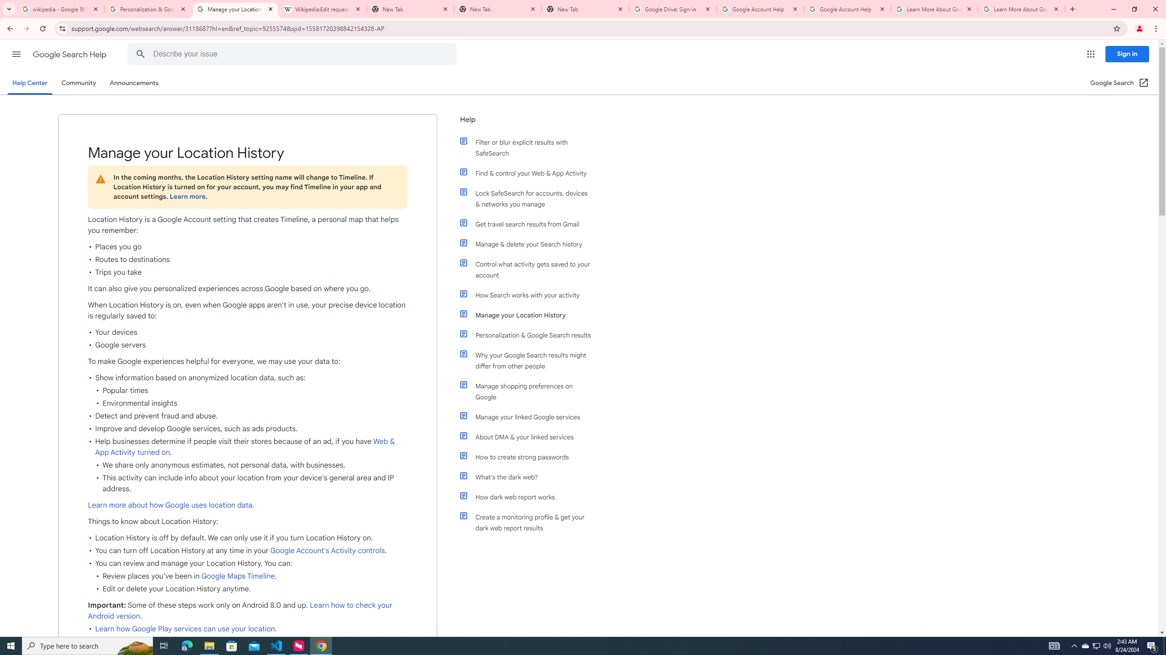 The image size is (1166, 655). What do you see at coordinates (61, 28) in the screenshot?
I see `'View site information'` at bounding box center [61, 28].